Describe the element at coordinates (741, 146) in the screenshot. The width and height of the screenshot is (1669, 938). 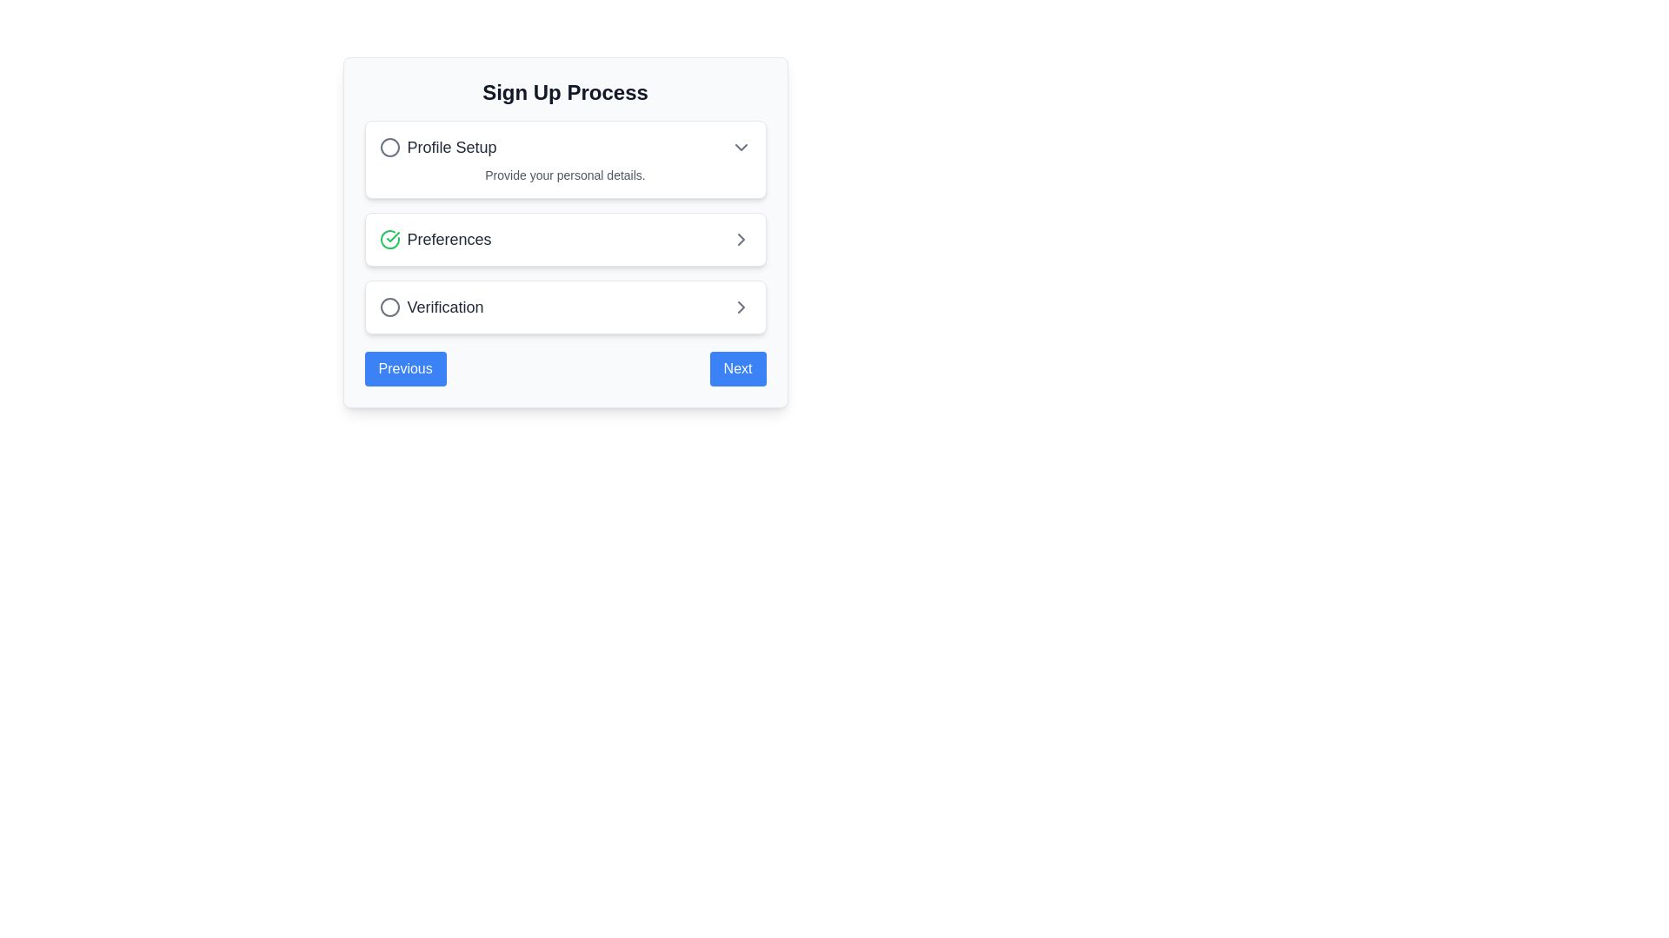
I see `the downward-facing gray arrow icon in the 'Profile Setup' section, located on the right side of the row` at that location.